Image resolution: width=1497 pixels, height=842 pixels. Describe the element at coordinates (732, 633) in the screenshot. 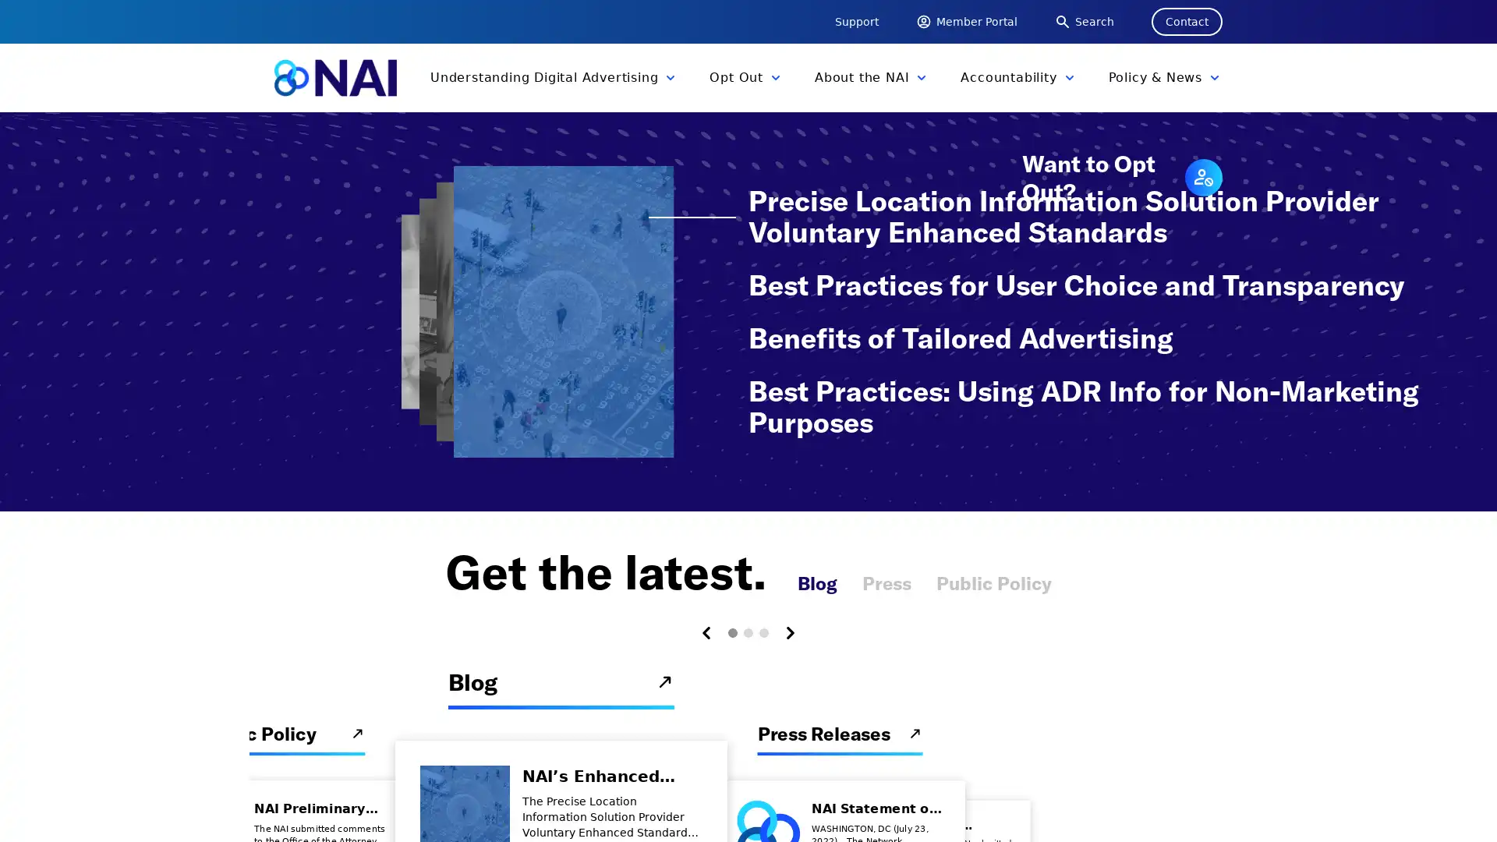

I see `Carousel Page 1 (Current Slide)` at that location.